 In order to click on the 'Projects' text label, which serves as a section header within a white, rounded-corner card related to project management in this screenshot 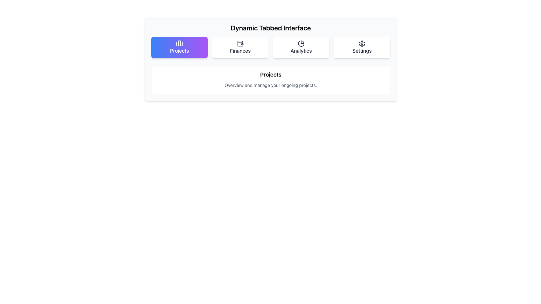, I will do `click(270, 74)`.